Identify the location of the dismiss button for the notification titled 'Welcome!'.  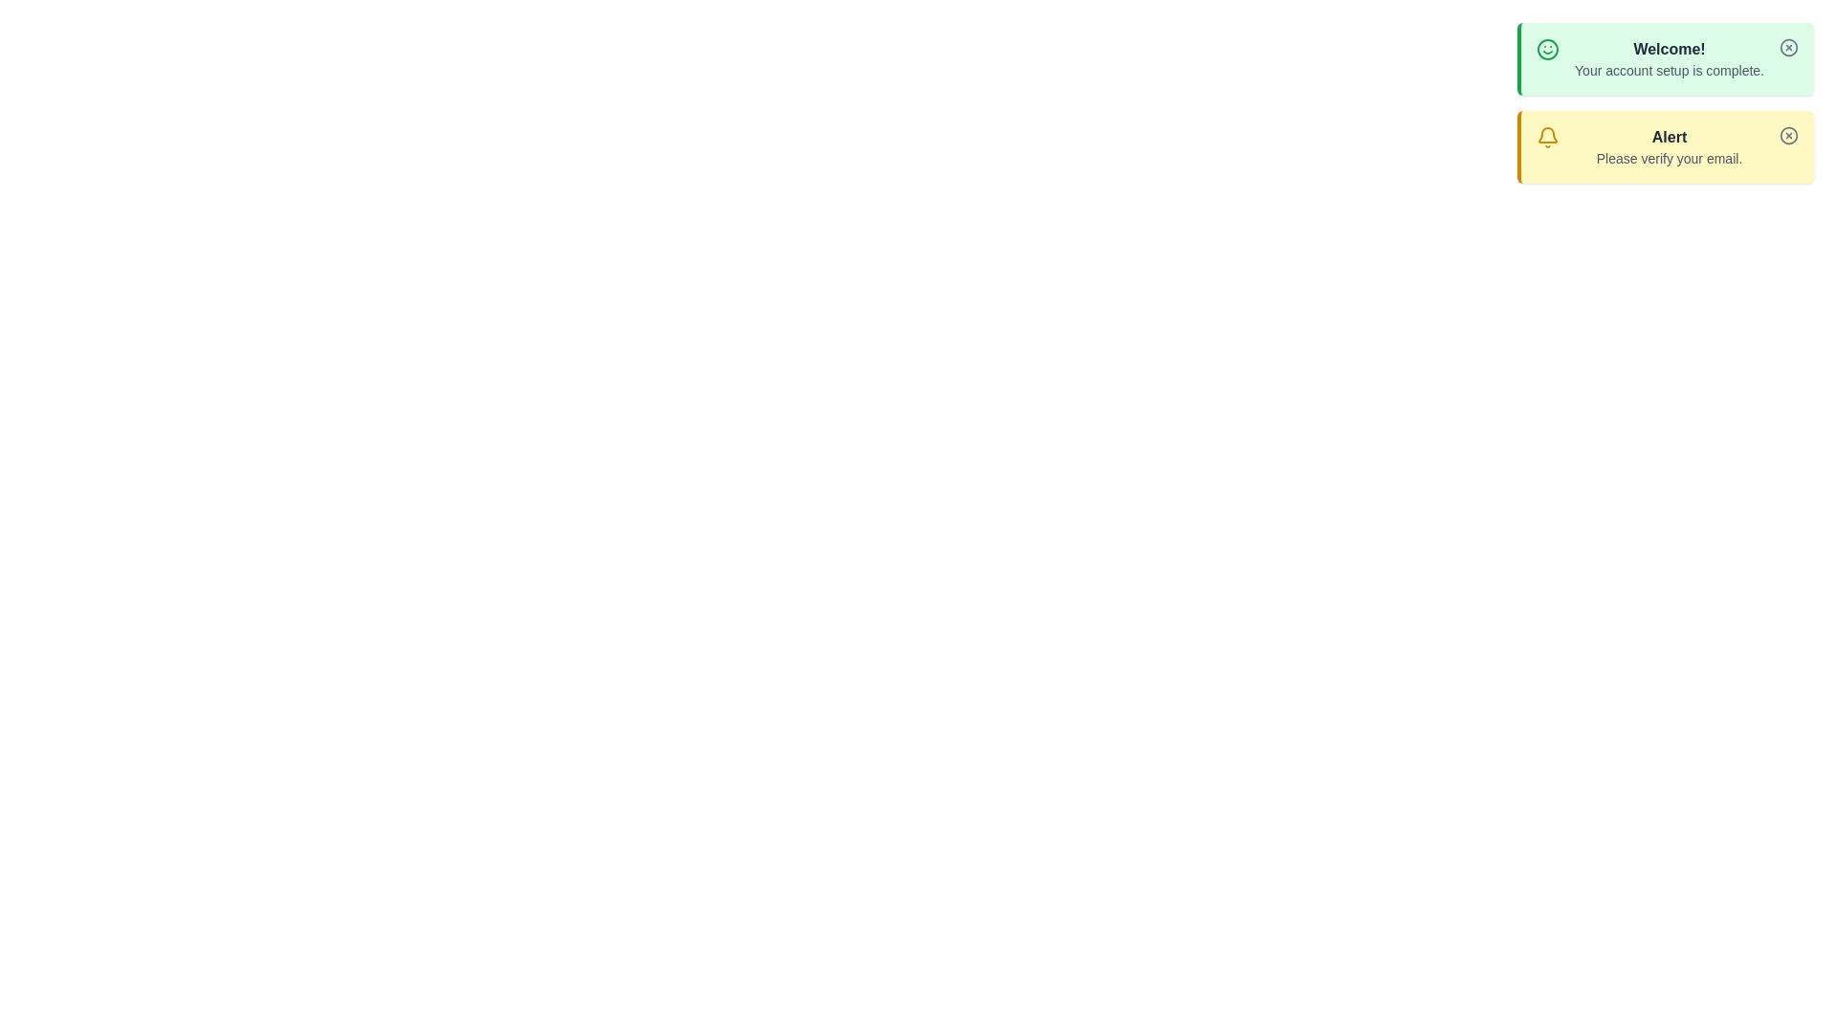
(1788, 47).